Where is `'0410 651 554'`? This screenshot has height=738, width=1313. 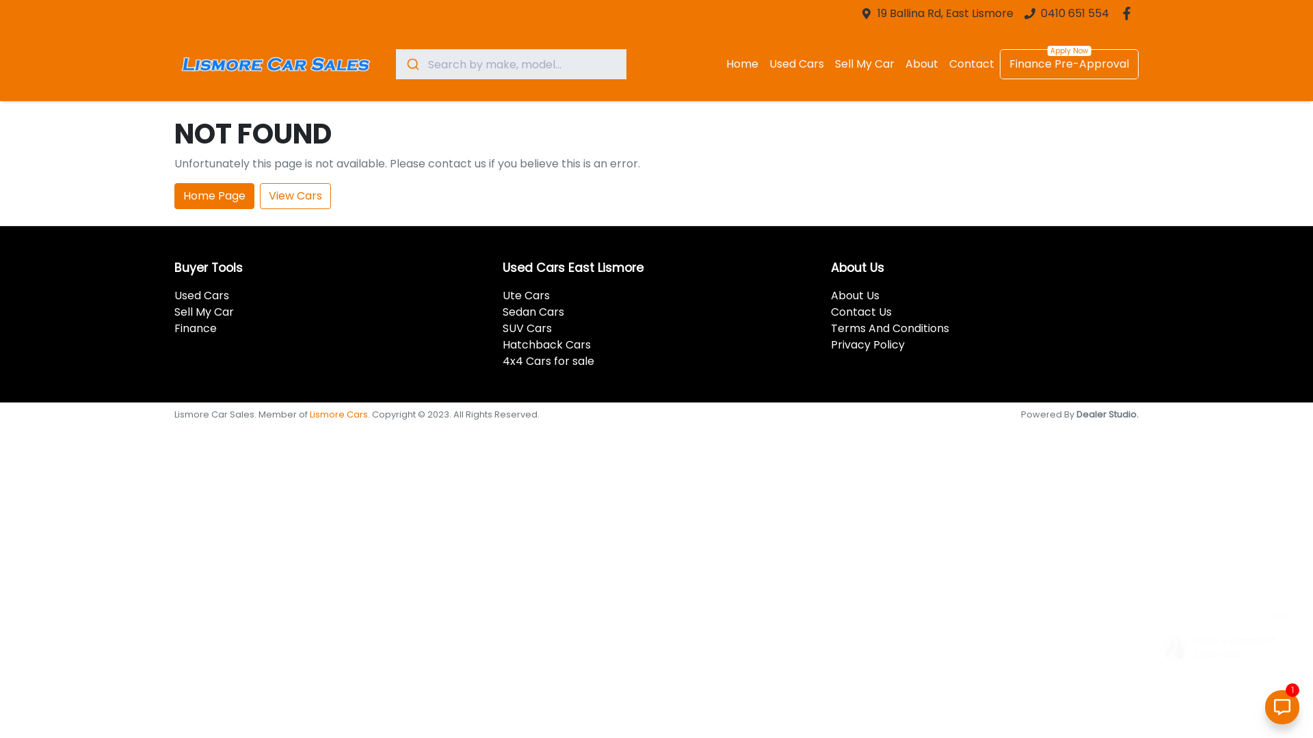 '0410 651 554' is located at coordinates (1074, 13).